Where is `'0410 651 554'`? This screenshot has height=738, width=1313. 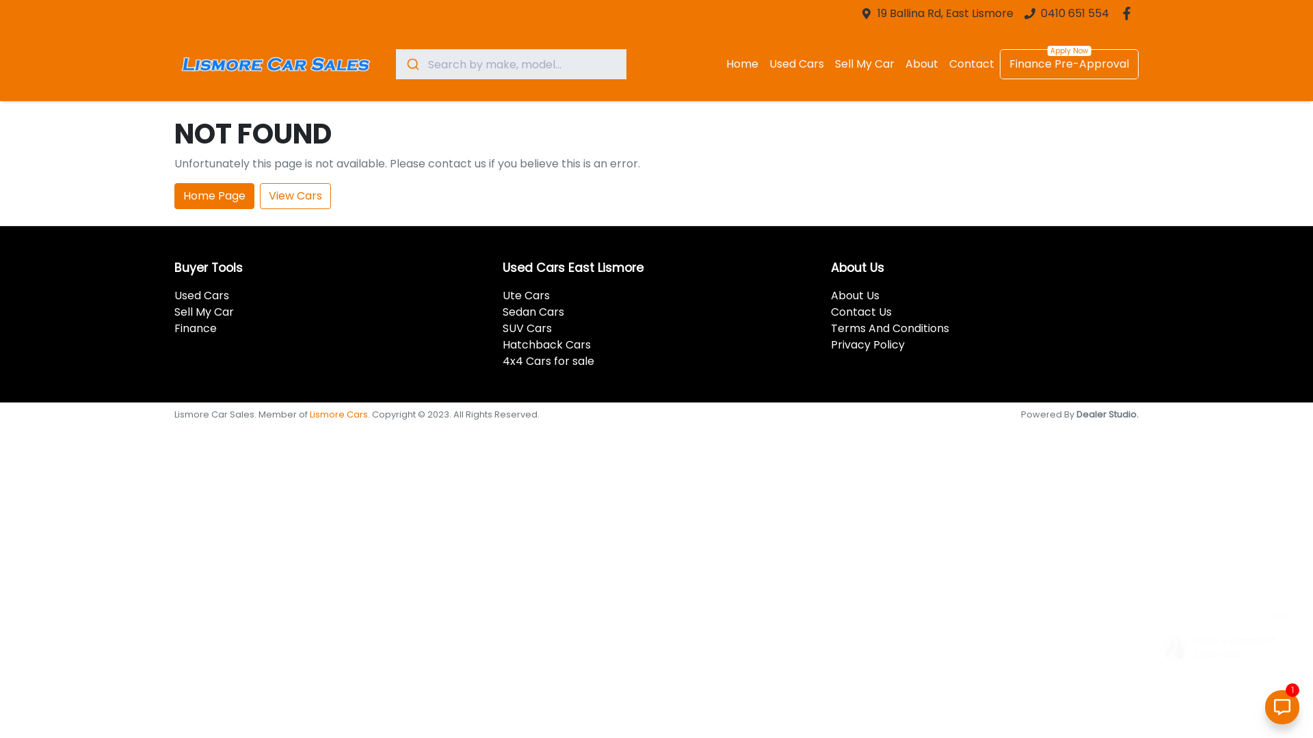 '0410 651 554' is located at coordinates (1074, 13).